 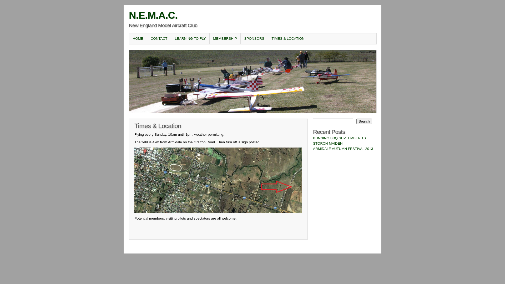 What do you see at coordinates (148, 38) in the screenshot?
I see `'SKIP TO CONTENT'` at bounding box center [148, 38].